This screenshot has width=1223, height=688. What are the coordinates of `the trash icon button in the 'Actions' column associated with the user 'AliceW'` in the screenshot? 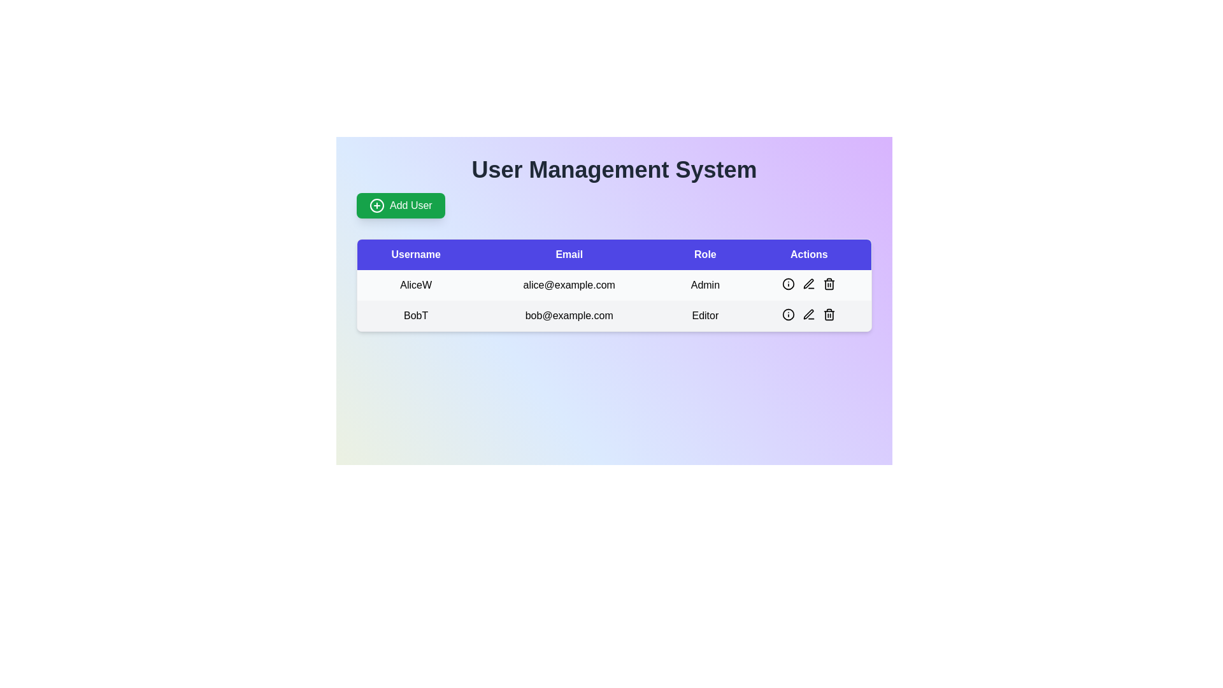 It's located at (829, 283).